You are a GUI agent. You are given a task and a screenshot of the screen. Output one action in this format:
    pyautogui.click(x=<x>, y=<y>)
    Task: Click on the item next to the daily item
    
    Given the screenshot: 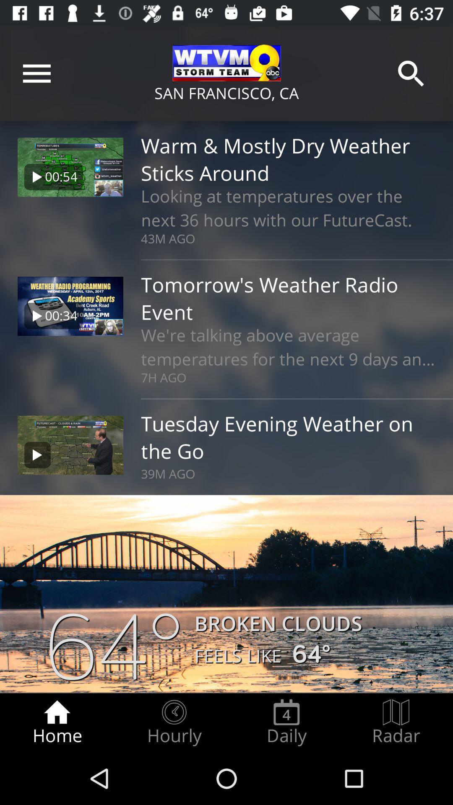 What is the action you would take?
    pyautogui.click(x=174, y=722)
    